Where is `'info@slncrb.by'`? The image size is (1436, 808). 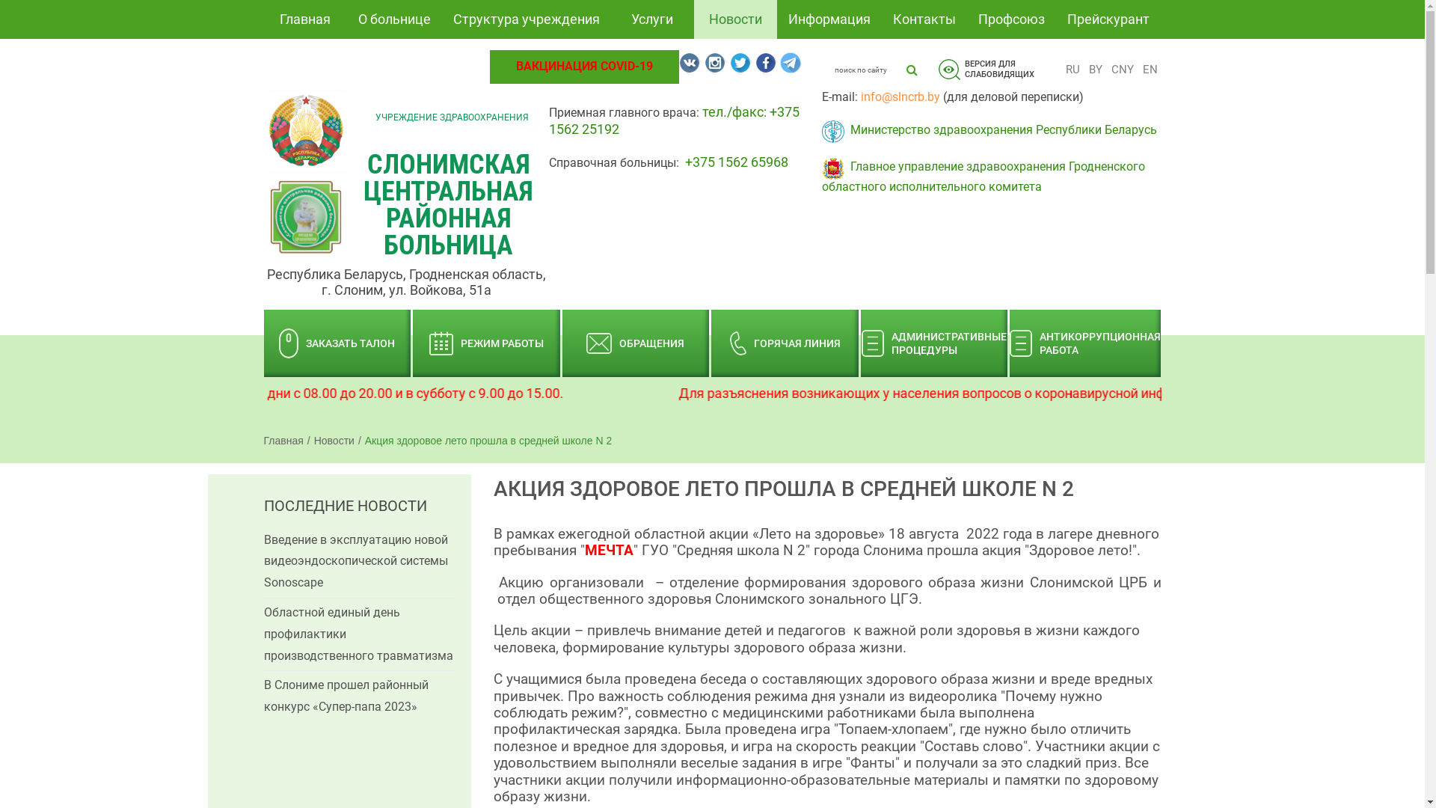 'info@slncrb.by' is located at coordinates (900, 97).